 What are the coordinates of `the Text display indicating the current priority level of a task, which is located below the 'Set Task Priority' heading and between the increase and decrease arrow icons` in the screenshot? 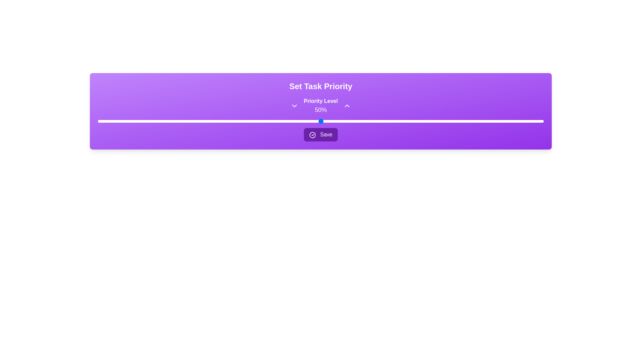 It's located at (320, 106).